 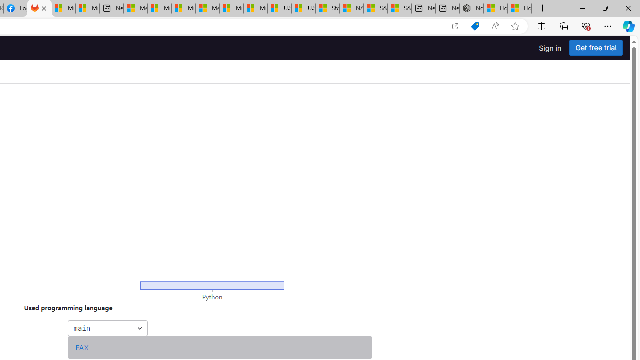 I want to click on 'Microsoft account | Home', so click(x=183, y=8).